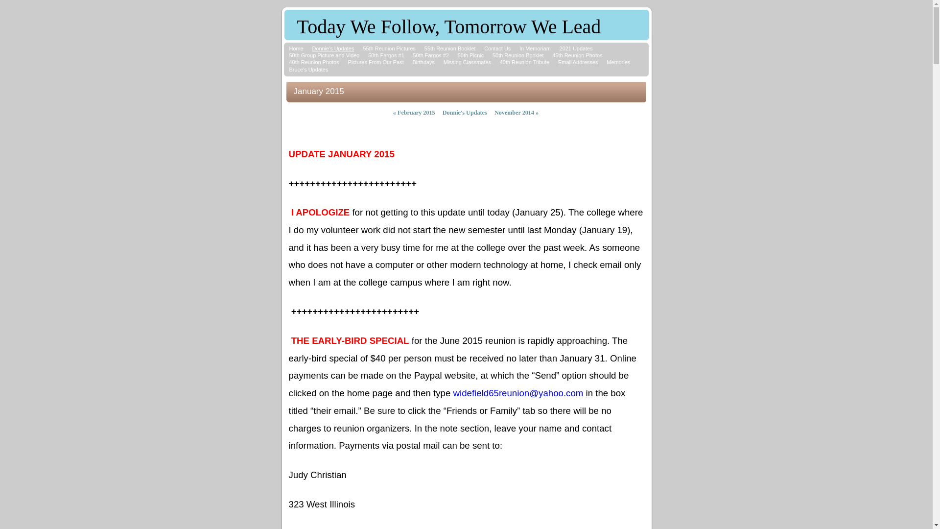 This screenshot has width=940, height=529. I want to click on '55th Reunion Pictures', so click(362, 48).